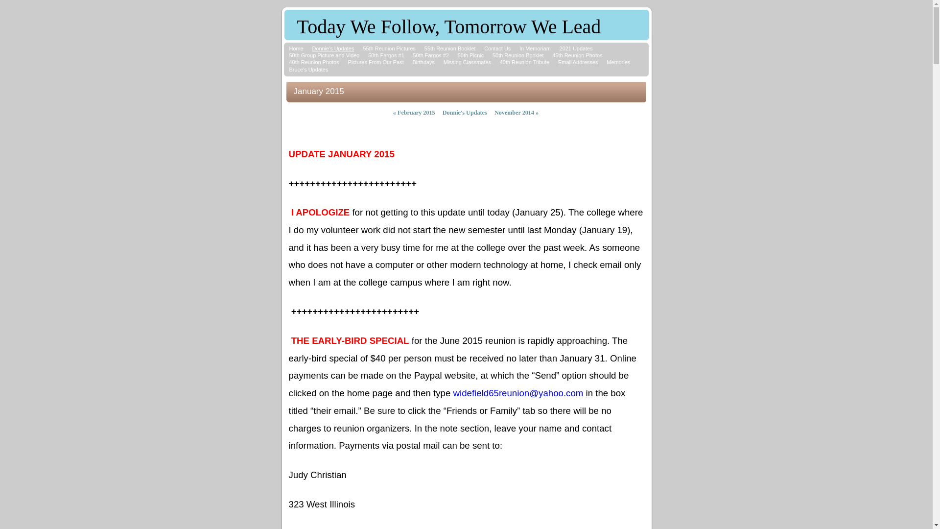 This screenshot has width=940, height=529. I want to click on '55th Reunion Pictures', so click(362, 48).